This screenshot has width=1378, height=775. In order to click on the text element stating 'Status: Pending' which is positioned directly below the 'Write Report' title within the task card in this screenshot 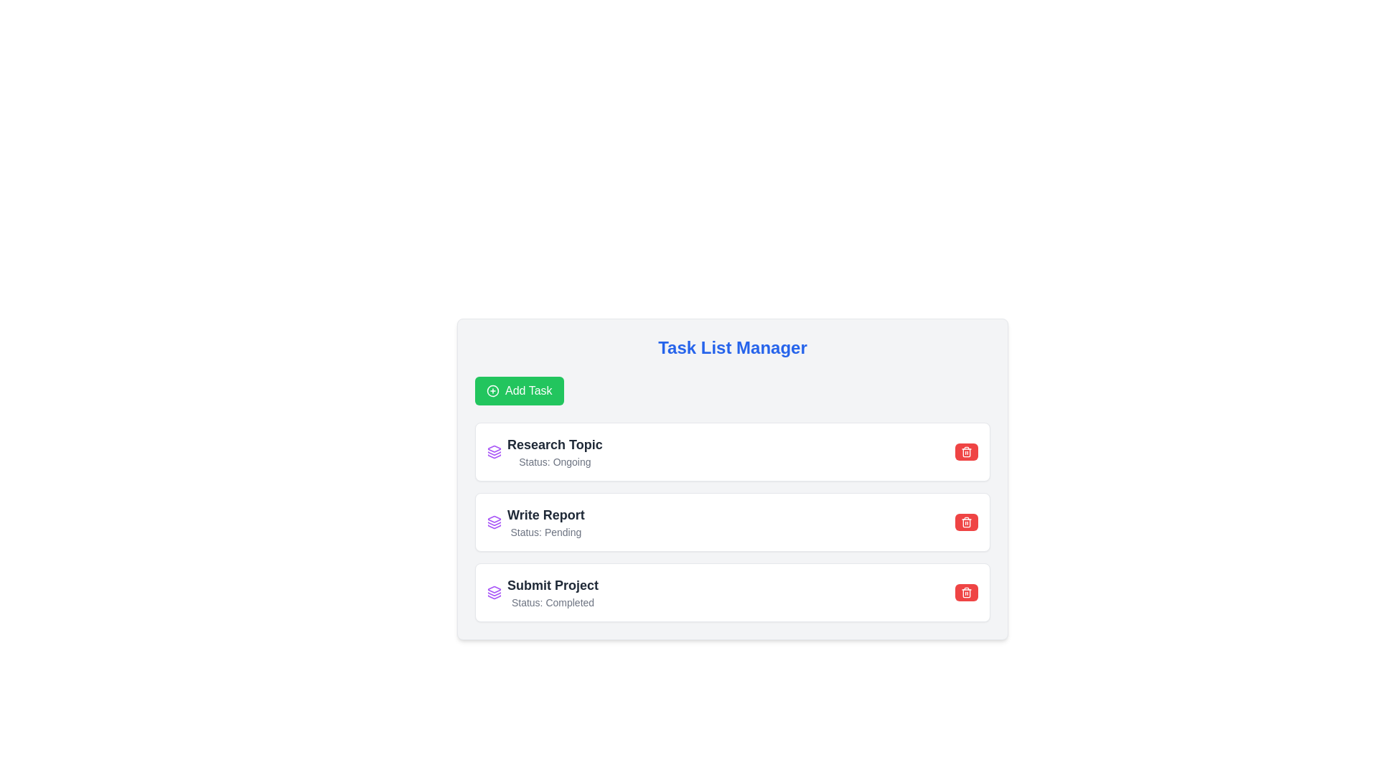, I will do `click(545, 532)`.